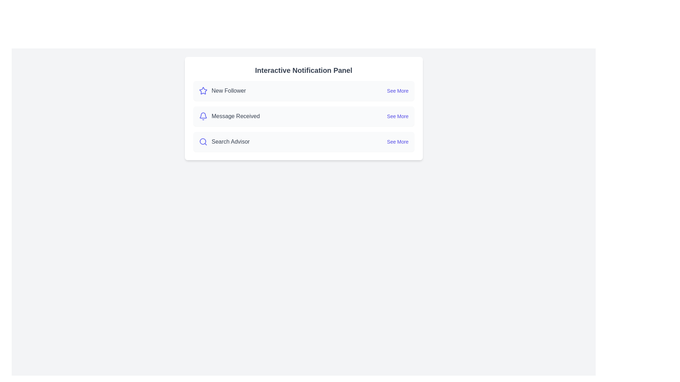  Describe the element at coordinates (236, 116) in the screenshot. I see `the 'Message Received' text label, which is positioned below the 'New Follower' item and above the 'Search Advisor' item in the panel` at that location.